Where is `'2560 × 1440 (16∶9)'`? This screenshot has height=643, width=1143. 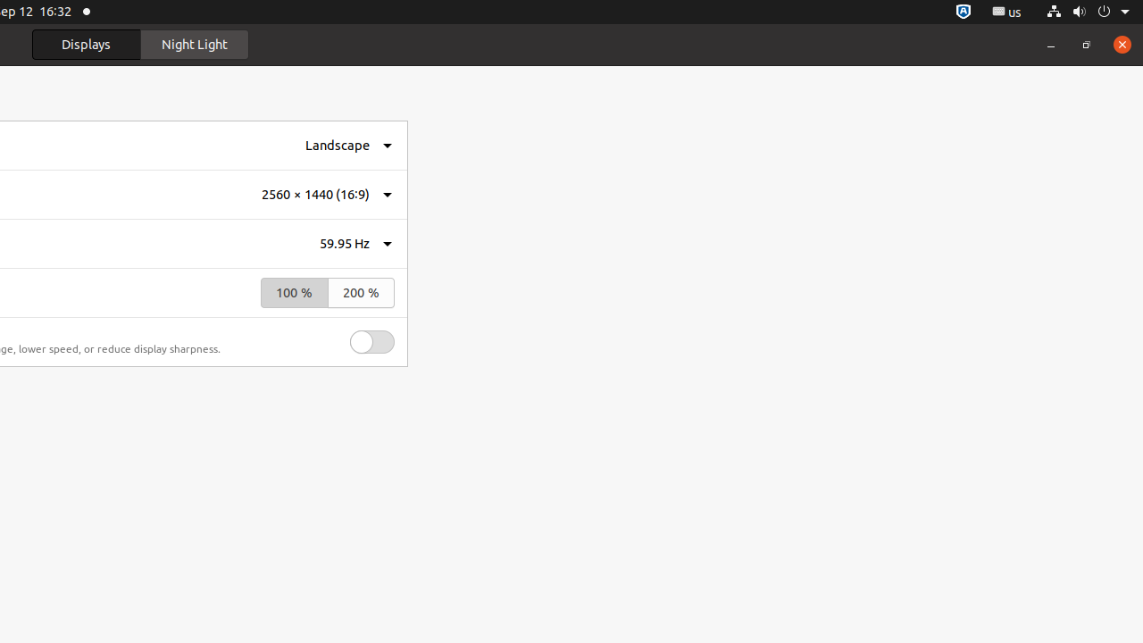 '2560 × 1440 (16∶9)' is located at coordinates (315, 195).